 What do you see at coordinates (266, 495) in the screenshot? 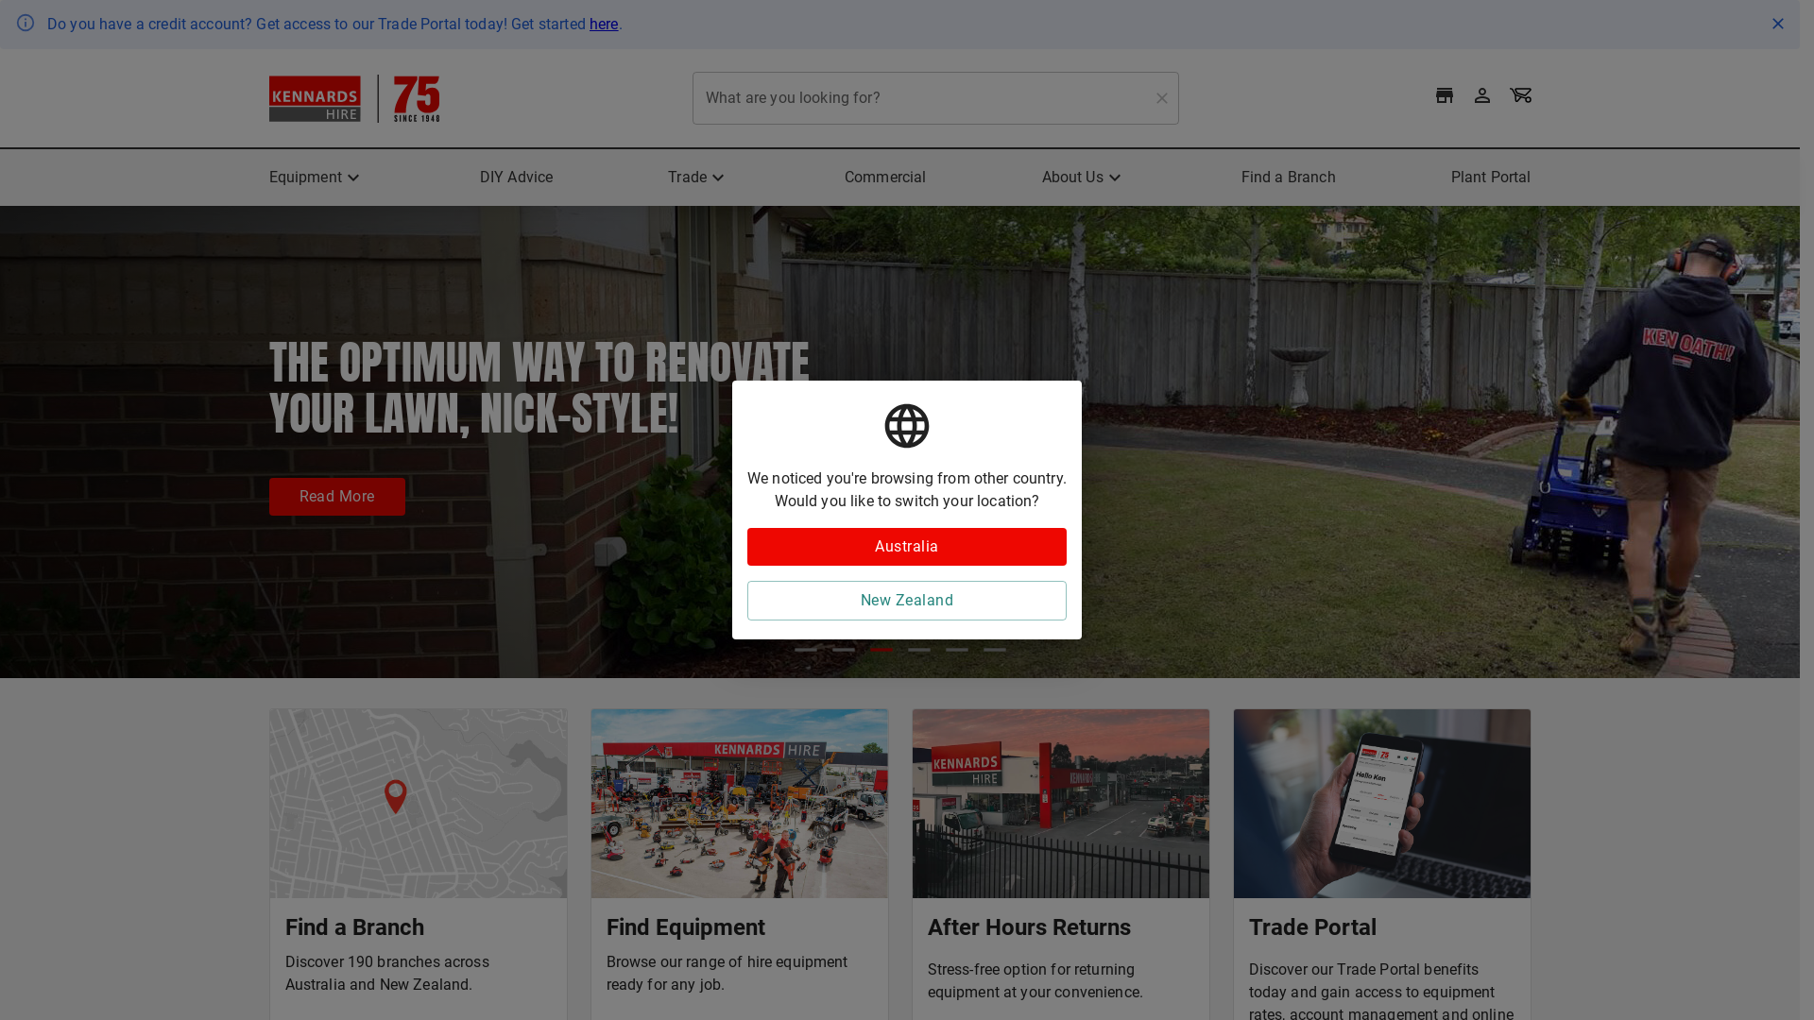
I see `'Read More'` at bounding box center [266, 495].